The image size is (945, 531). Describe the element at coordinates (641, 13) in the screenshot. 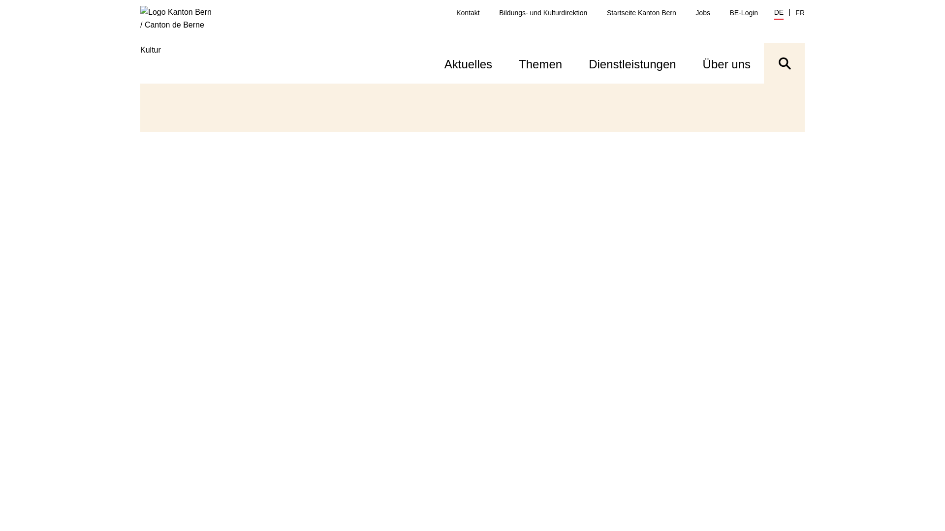

I see `'Startseite Kanton Bern'` at that location.